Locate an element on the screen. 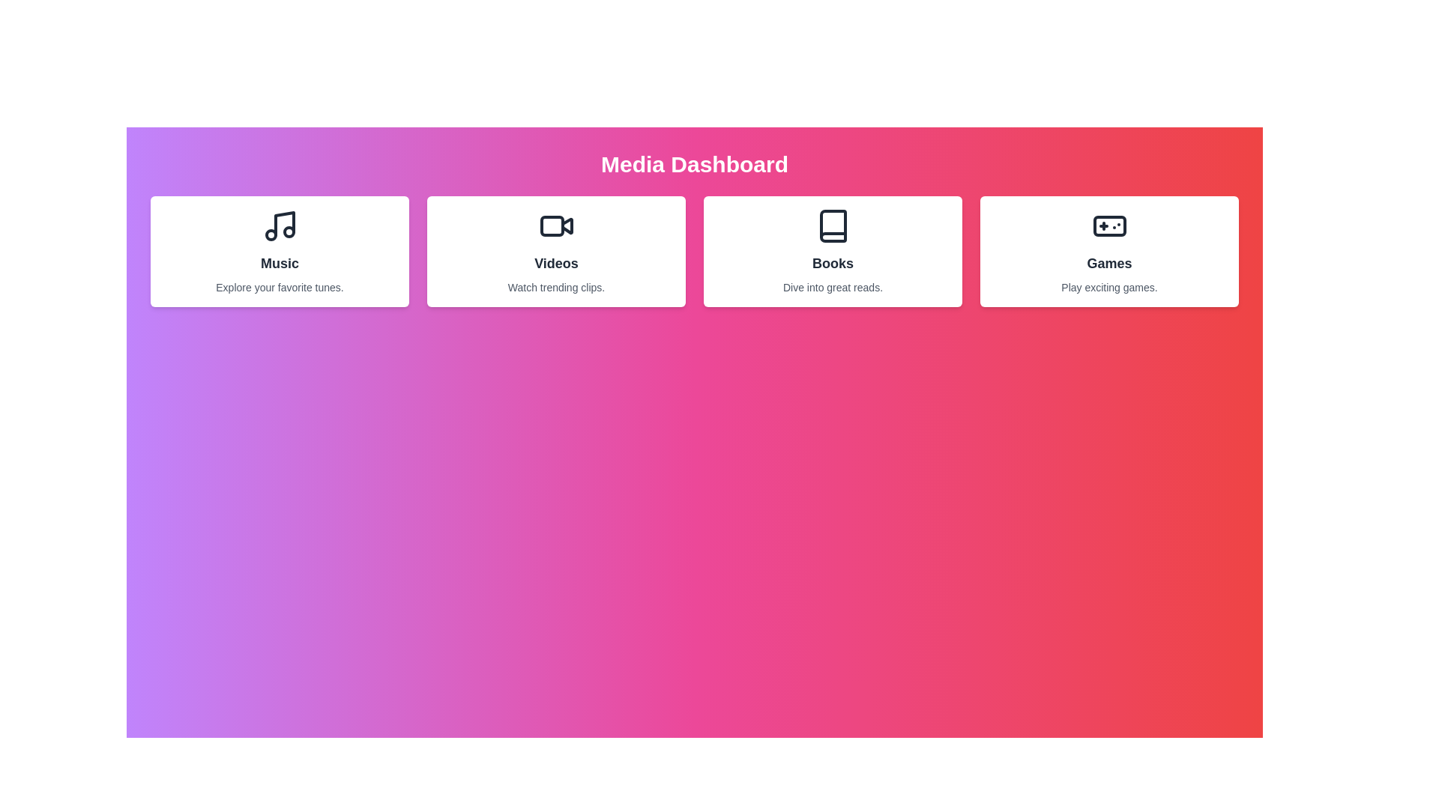 The width and height of the screenshot is (1439, 809). the 'Books' category icon, which is visually represented as a vector graphic within a rectangular card labeled 'Books', located in the media dashboard interface is located at coordinates (832, 225).